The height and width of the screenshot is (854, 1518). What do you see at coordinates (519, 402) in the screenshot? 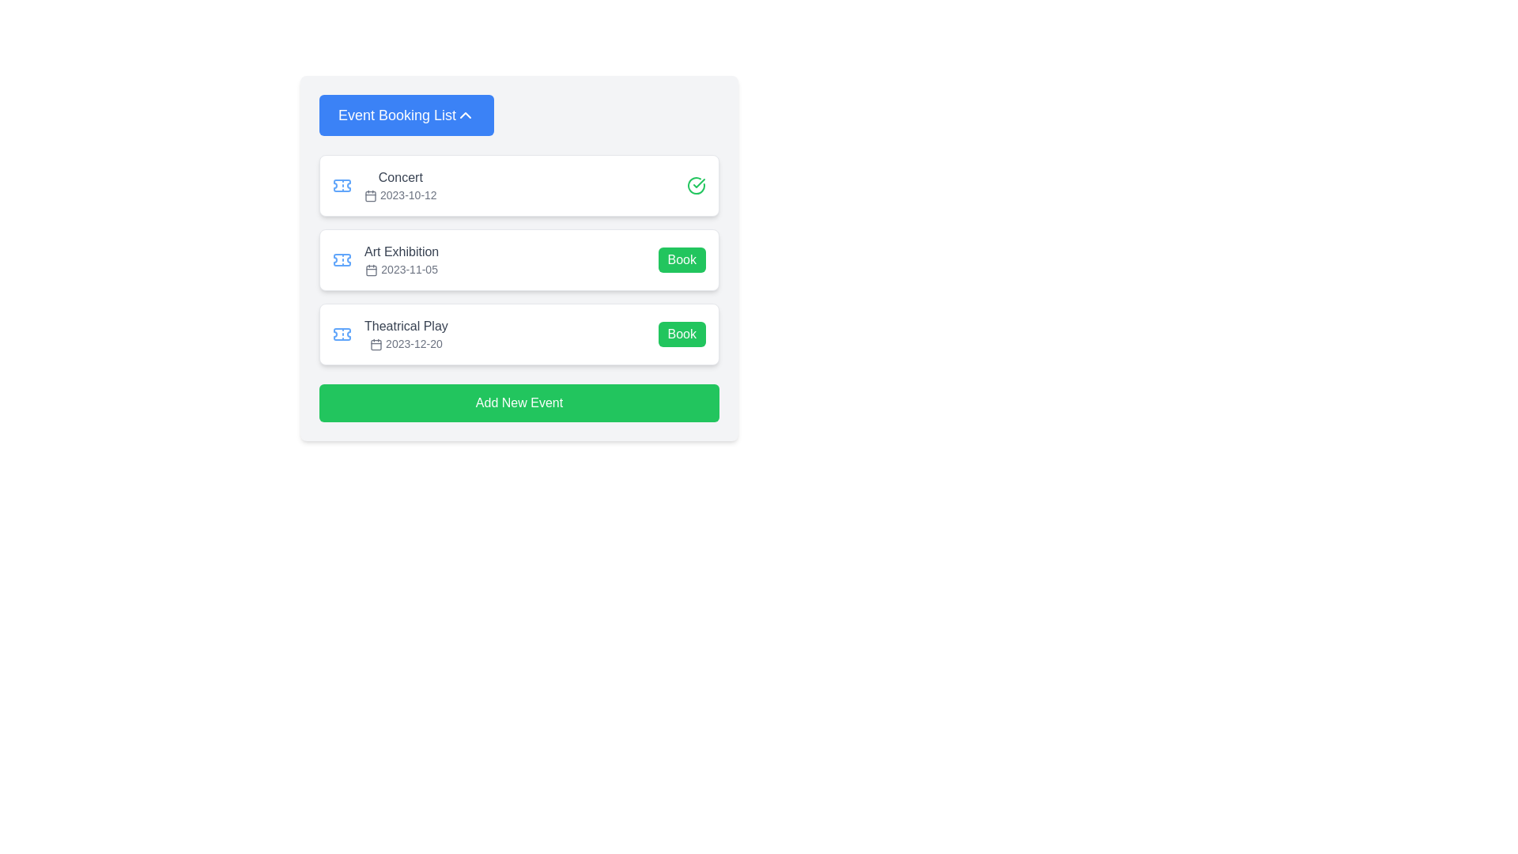
I see `the 'Add New Event' button located at the bottom of the 'Event Booking List' to observe the color change` at bounding box center [519, 402].